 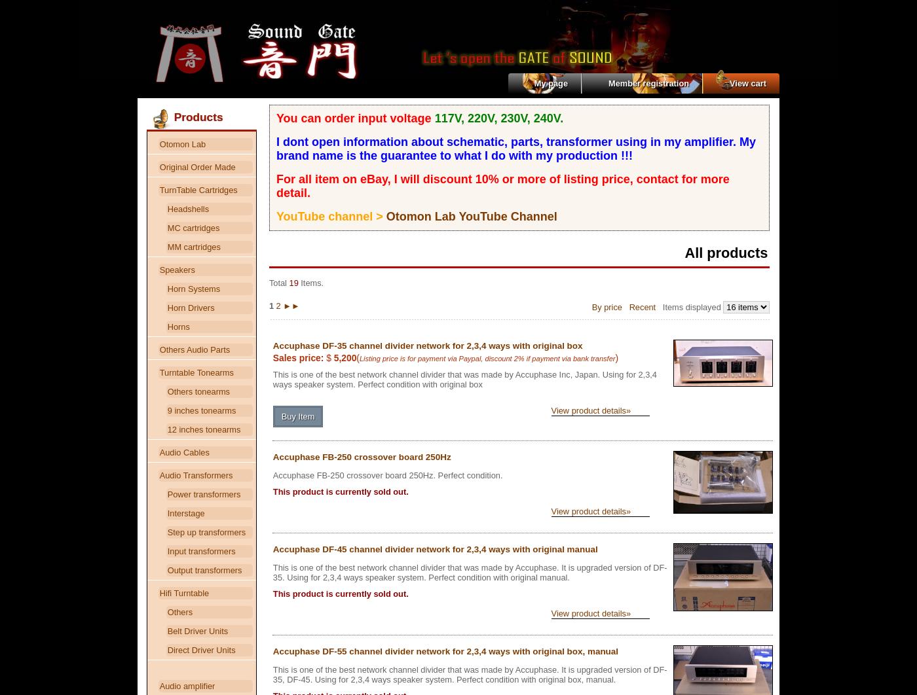 What do you see at coordinates (356, 357) in the screenshot?
I see `'('` at bounding box center [356, 357].